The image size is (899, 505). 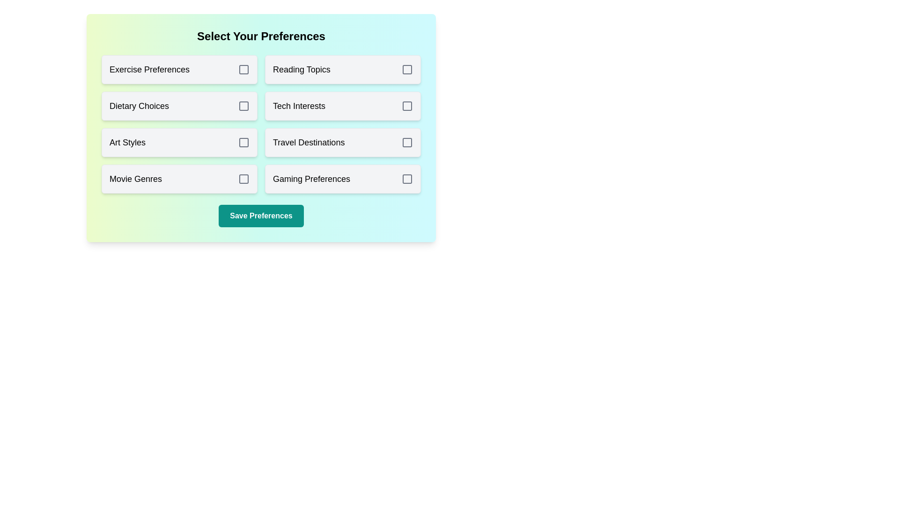 I want to click on the option Tech Interests to observe its hover effect, so click(x=342, y=106).